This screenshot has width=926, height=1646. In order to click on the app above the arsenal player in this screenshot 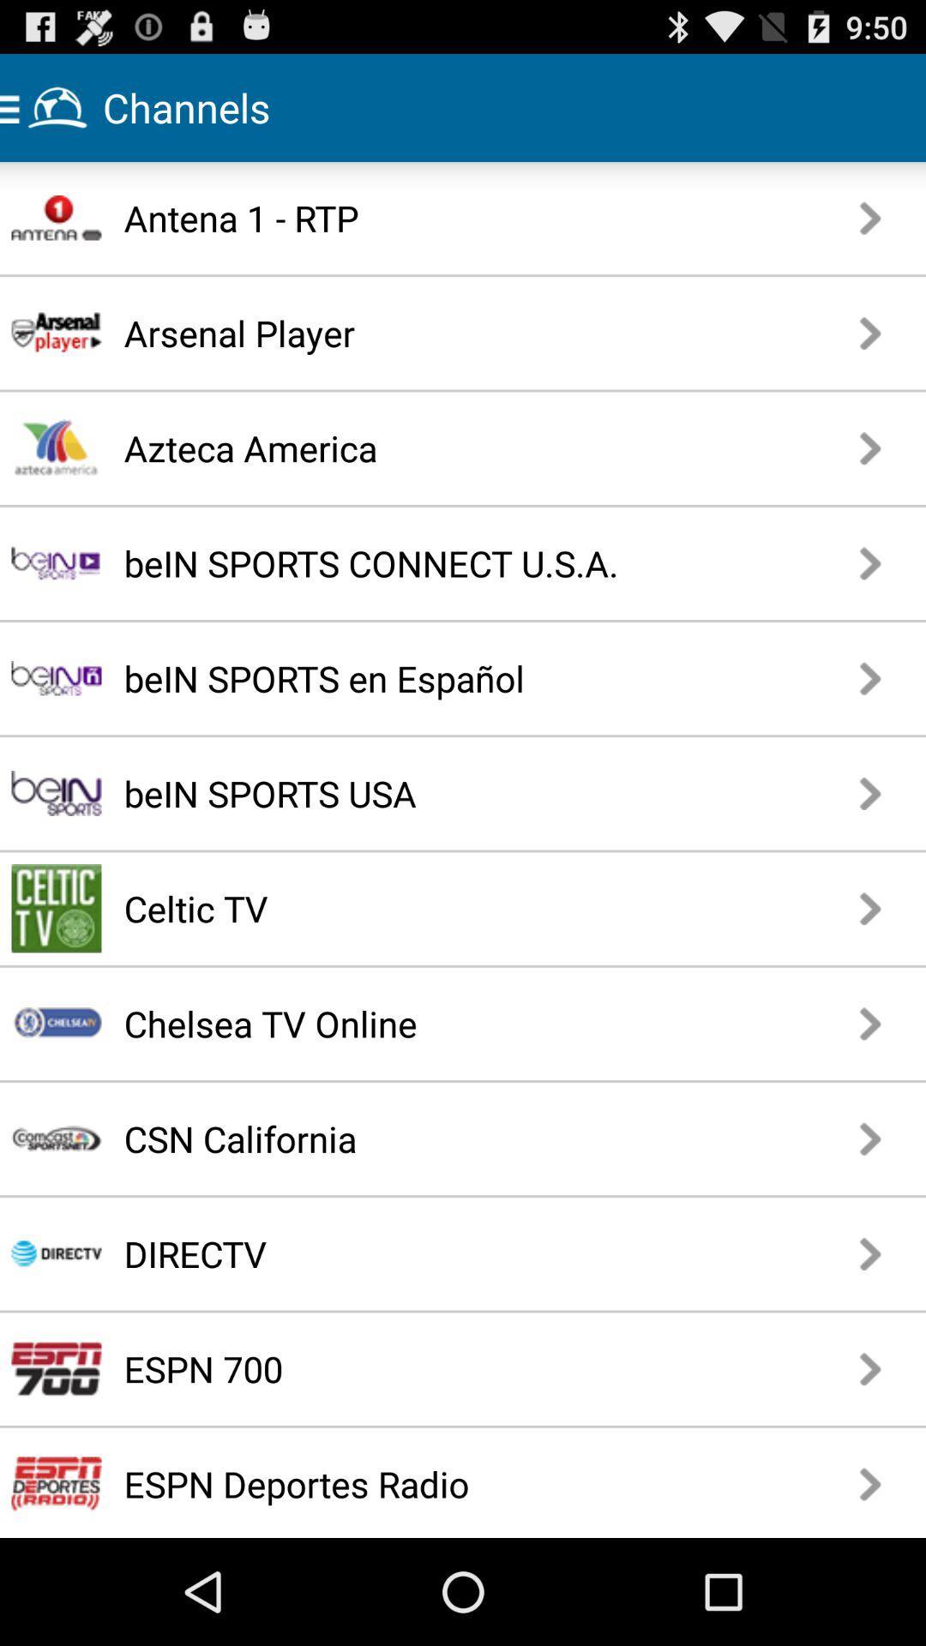, I will do `click(415, 217)`.